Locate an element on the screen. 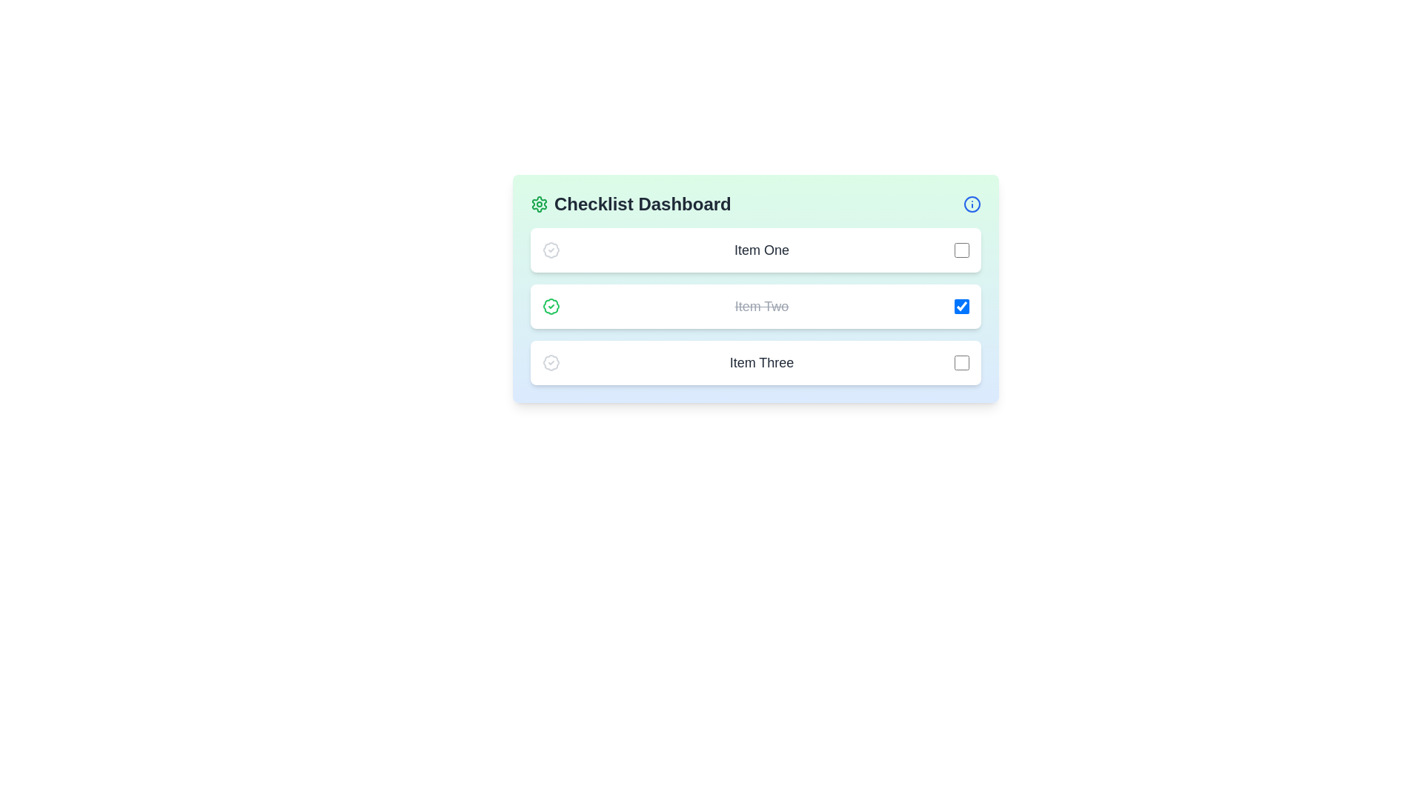 Image resolution: width=1423 pixels, height=800 pixels. the status marker icon that indicates 'completed' or 'verified' status for 'Item Two' is located at coordinates (551, 305).